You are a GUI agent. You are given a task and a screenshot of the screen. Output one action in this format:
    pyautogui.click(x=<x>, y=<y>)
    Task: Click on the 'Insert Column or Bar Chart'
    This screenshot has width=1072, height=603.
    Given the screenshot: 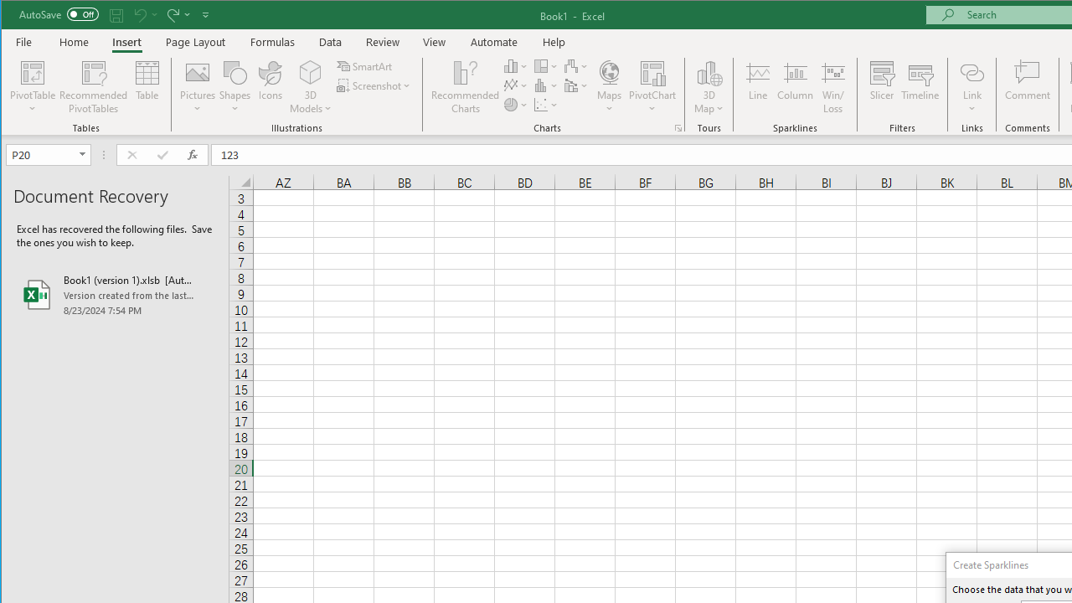 What is the action you would take?
    pyautogui.click(x=515, y=65)
    